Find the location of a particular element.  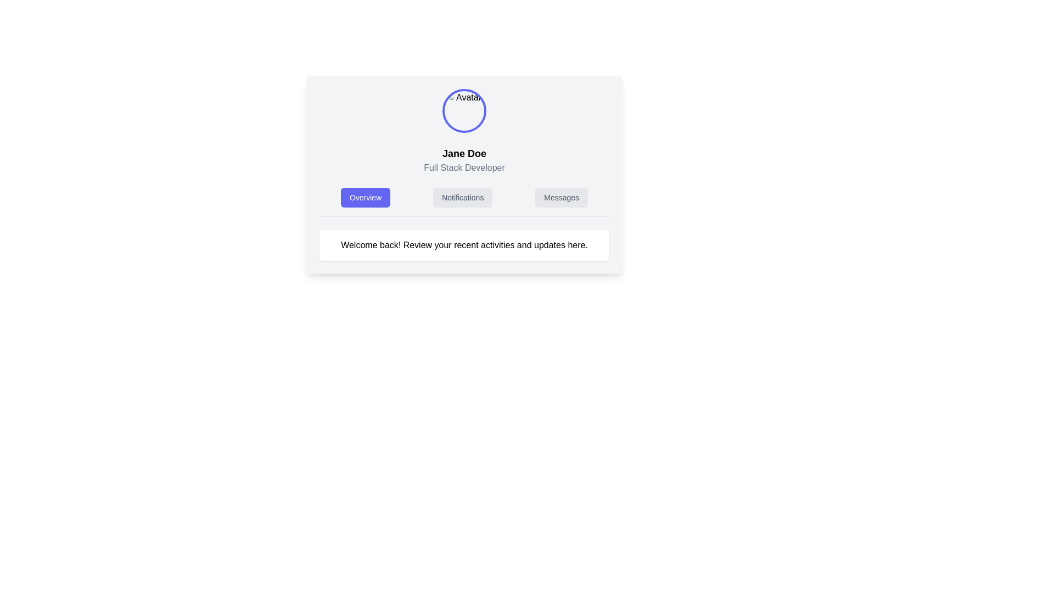

the Informational text block that displays 'Welcome back! Review your recent activities and updates here.' is located at coordinates (464, 245).